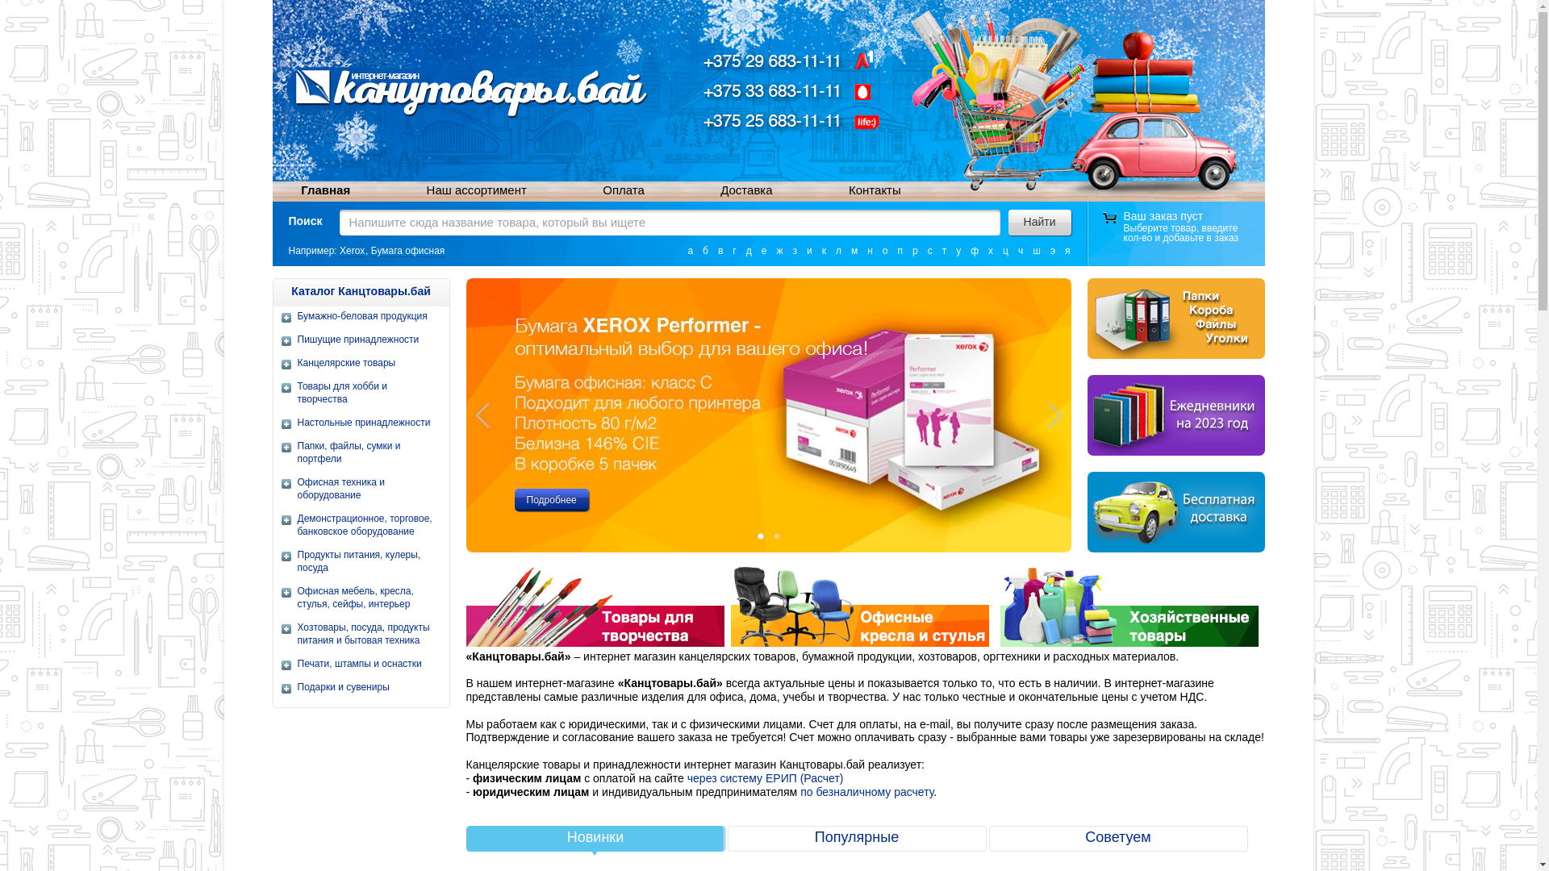  Describe the element at coordinates (750, 536) in the screenshot. I see `'1'` at that location.